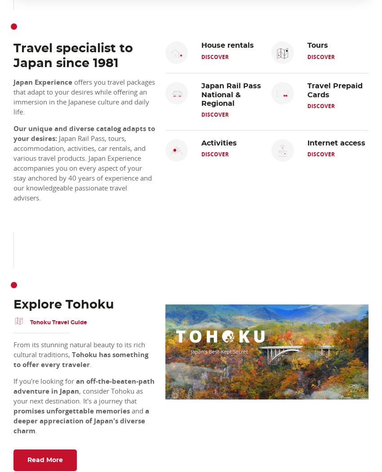 The width and height of the screenshot is (382, 472). What do you see at coordinates (13, 304) in the screenshot?
I see `'Explore Tohoku'` at bounding box center [13, 304].